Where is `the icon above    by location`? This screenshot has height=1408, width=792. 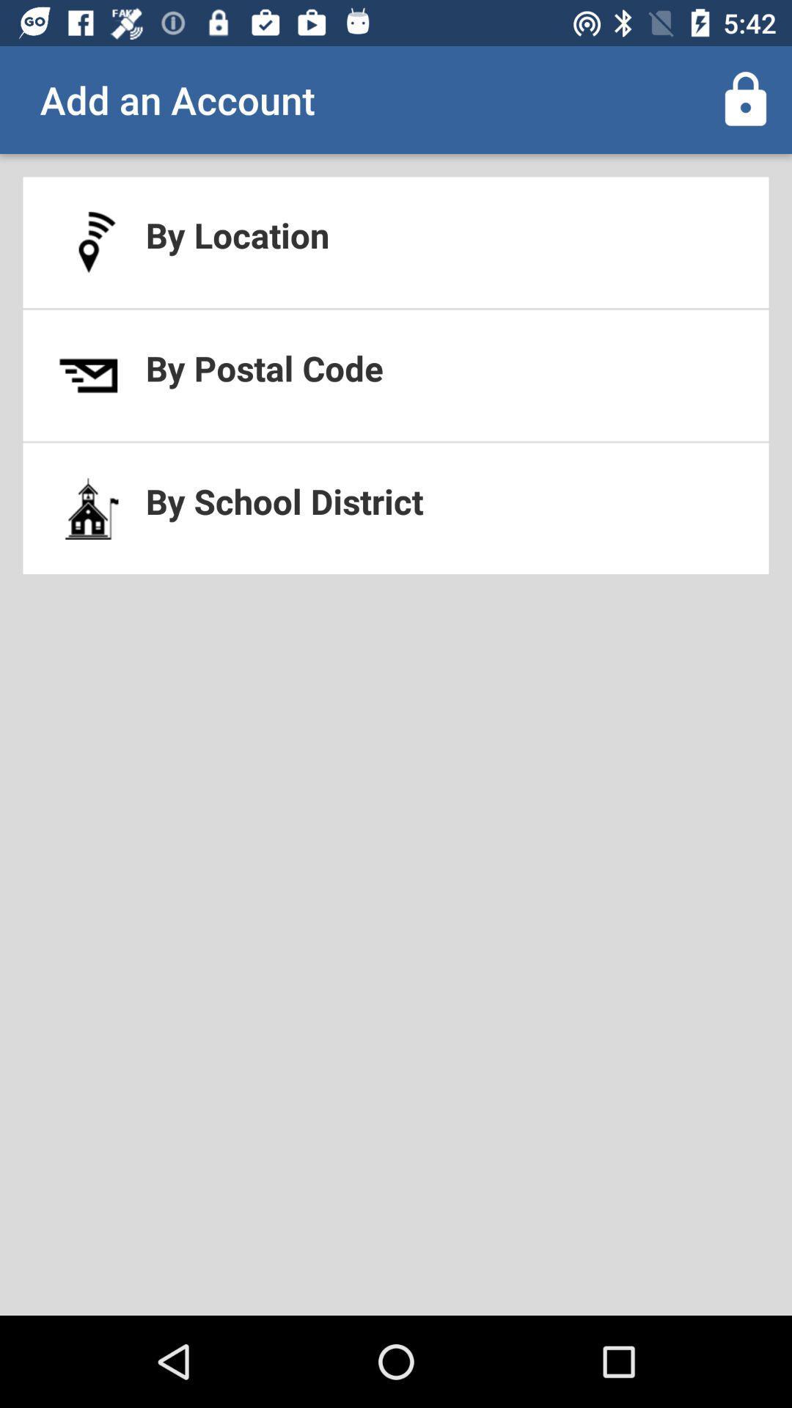
the icon above    by location is located at coordinates (746, 99).